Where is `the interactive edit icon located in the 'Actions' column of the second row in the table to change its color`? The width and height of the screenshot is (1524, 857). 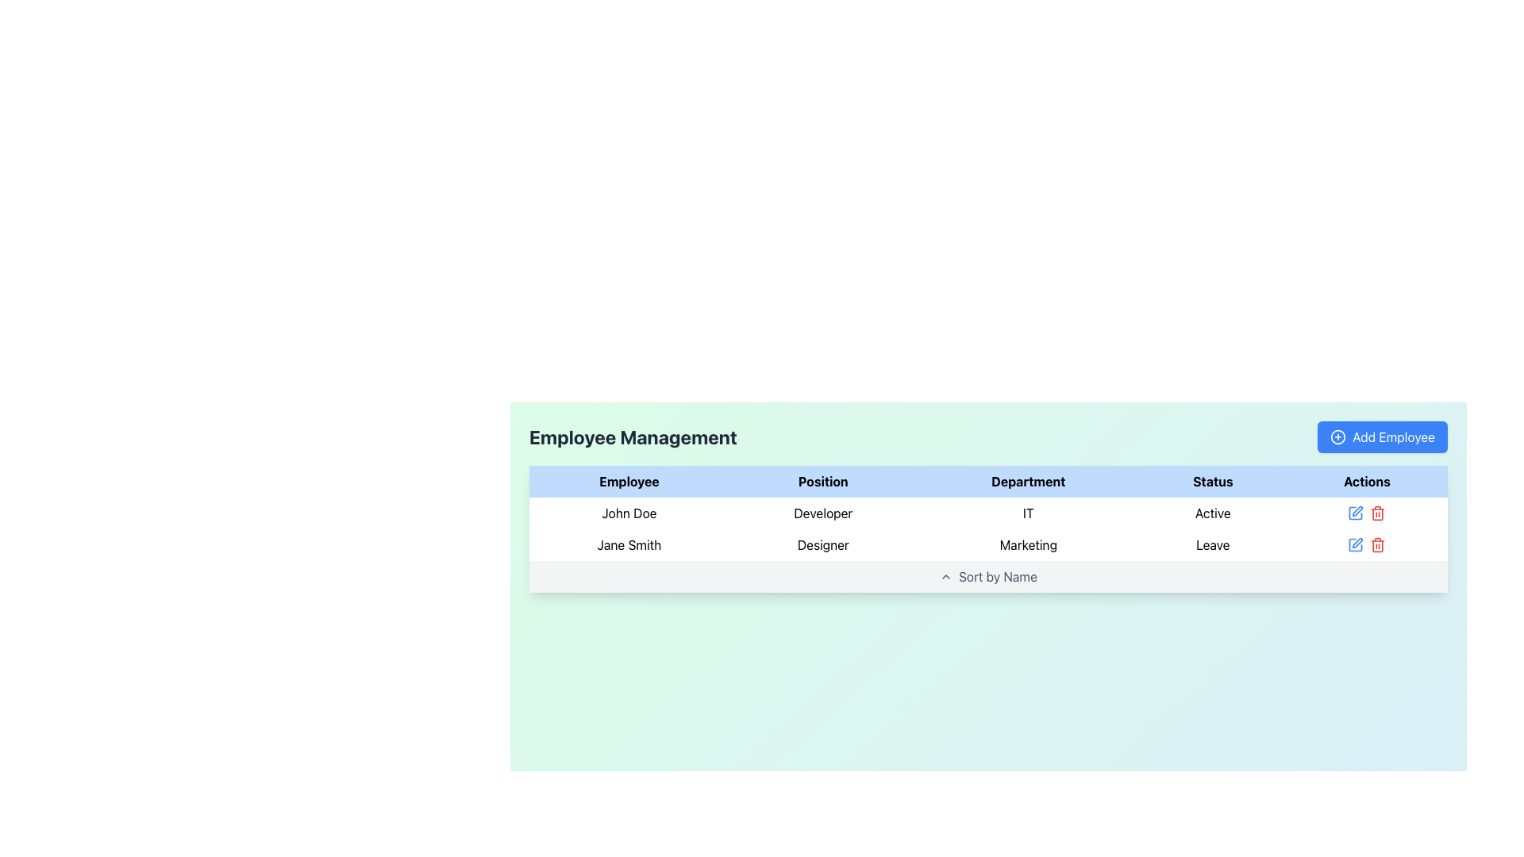 the interactive edit icon located in the 'Actions' column of the second row in the table to change its color is located at coordinates (1355, 544).